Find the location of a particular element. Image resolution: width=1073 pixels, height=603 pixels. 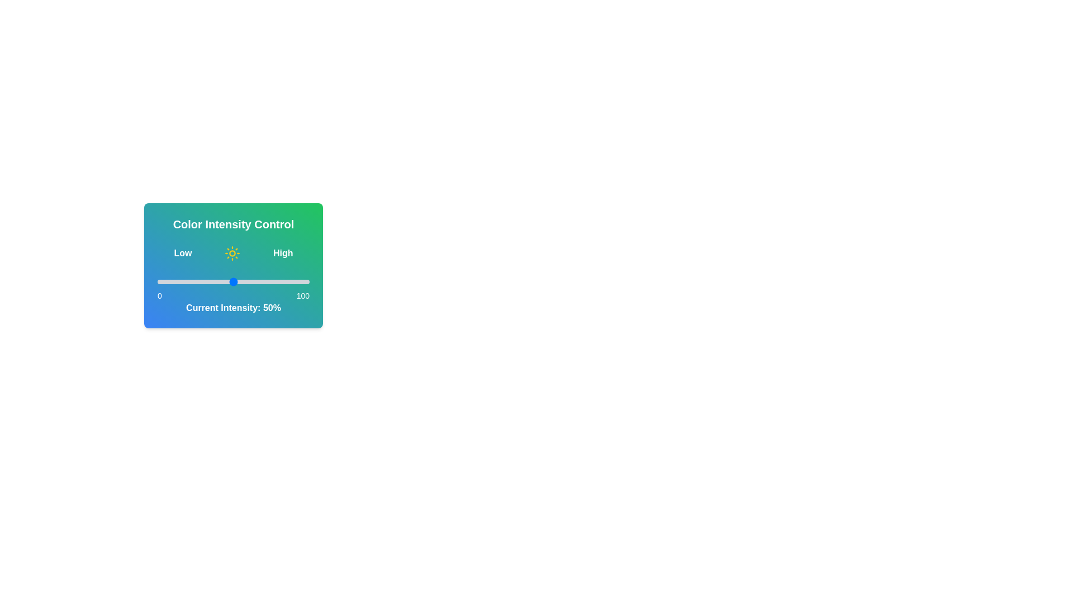

the Group containing the texts 'Low' and 'High' with a sun-like icon in the center, located under the header 'Color Intensity Control' is located at coordinates (232, 253).